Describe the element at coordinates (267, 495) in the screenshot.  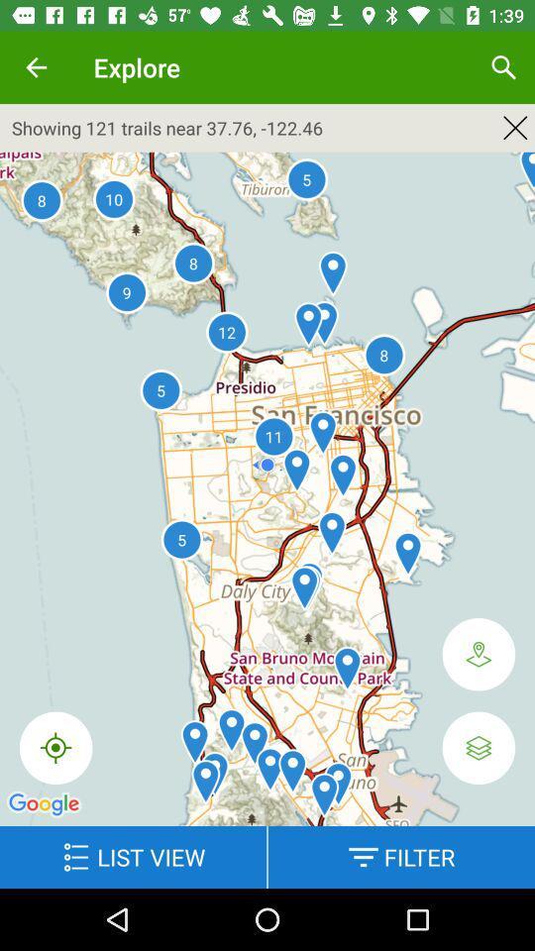
I see `icon at the center` at that location.